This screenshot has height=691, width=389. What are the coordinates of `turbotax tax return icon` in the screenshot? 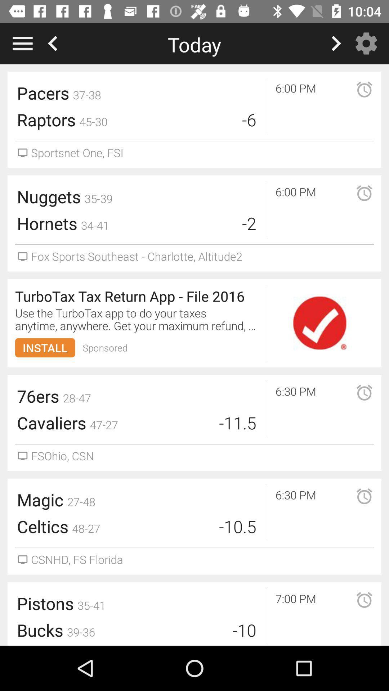 It's located at (138, 296).